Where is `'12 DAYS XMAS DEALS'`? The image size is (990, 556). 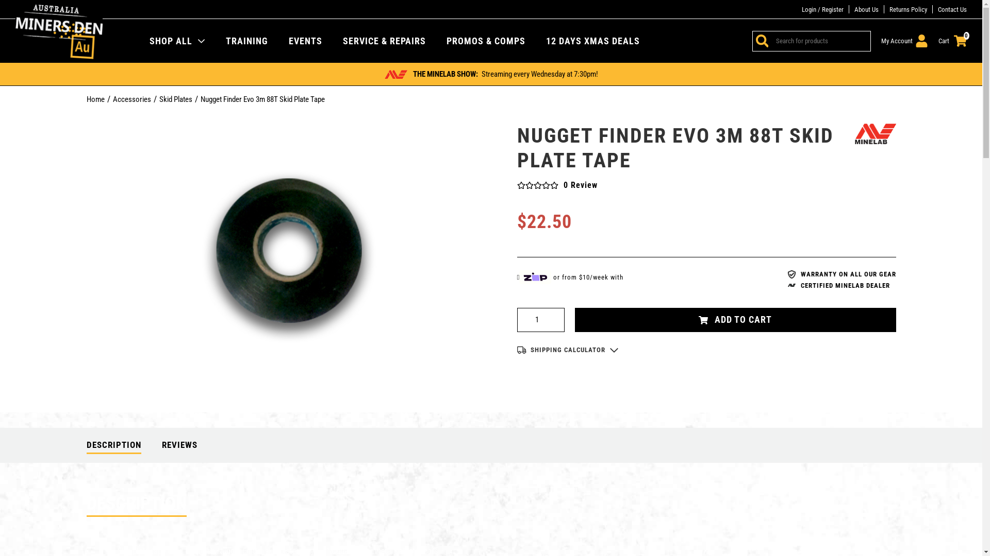
'12 DAYS XMAS DEALS' is located at coordinates (593, 40).